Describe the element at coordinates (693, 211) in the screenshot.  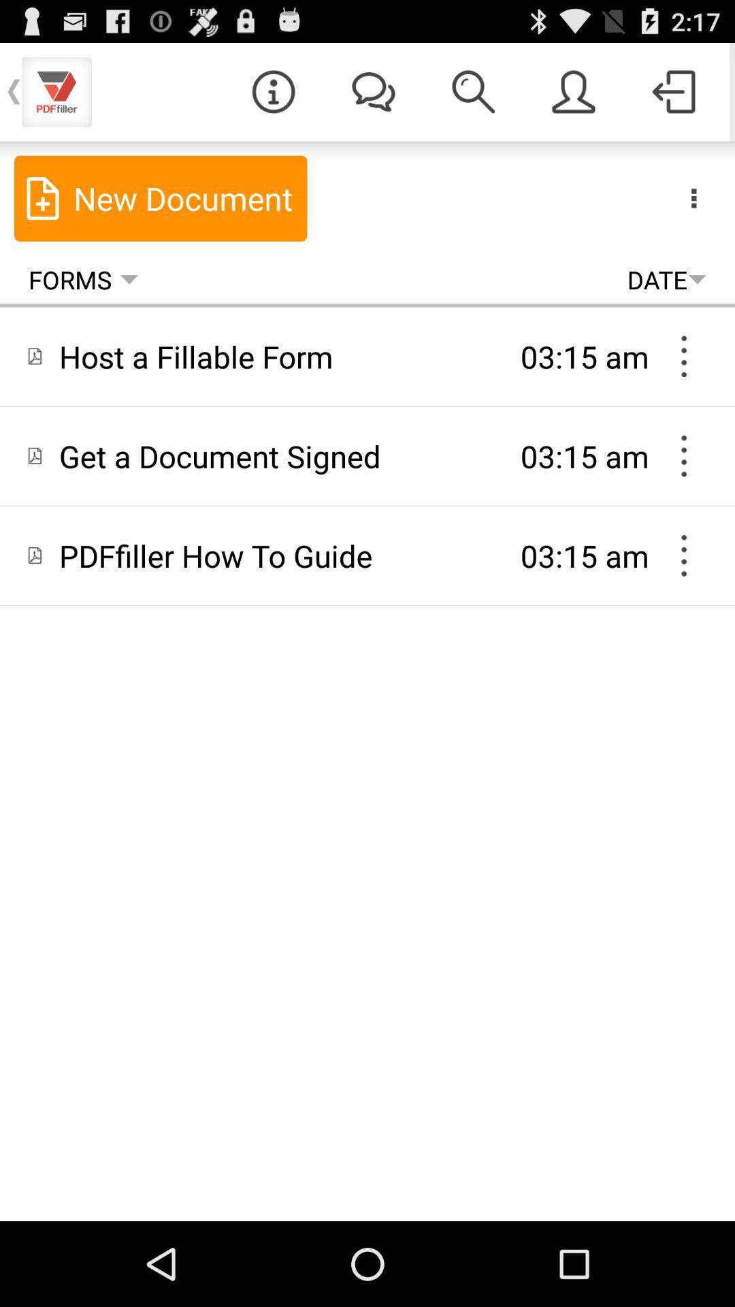
I see `the more icon` at that location.